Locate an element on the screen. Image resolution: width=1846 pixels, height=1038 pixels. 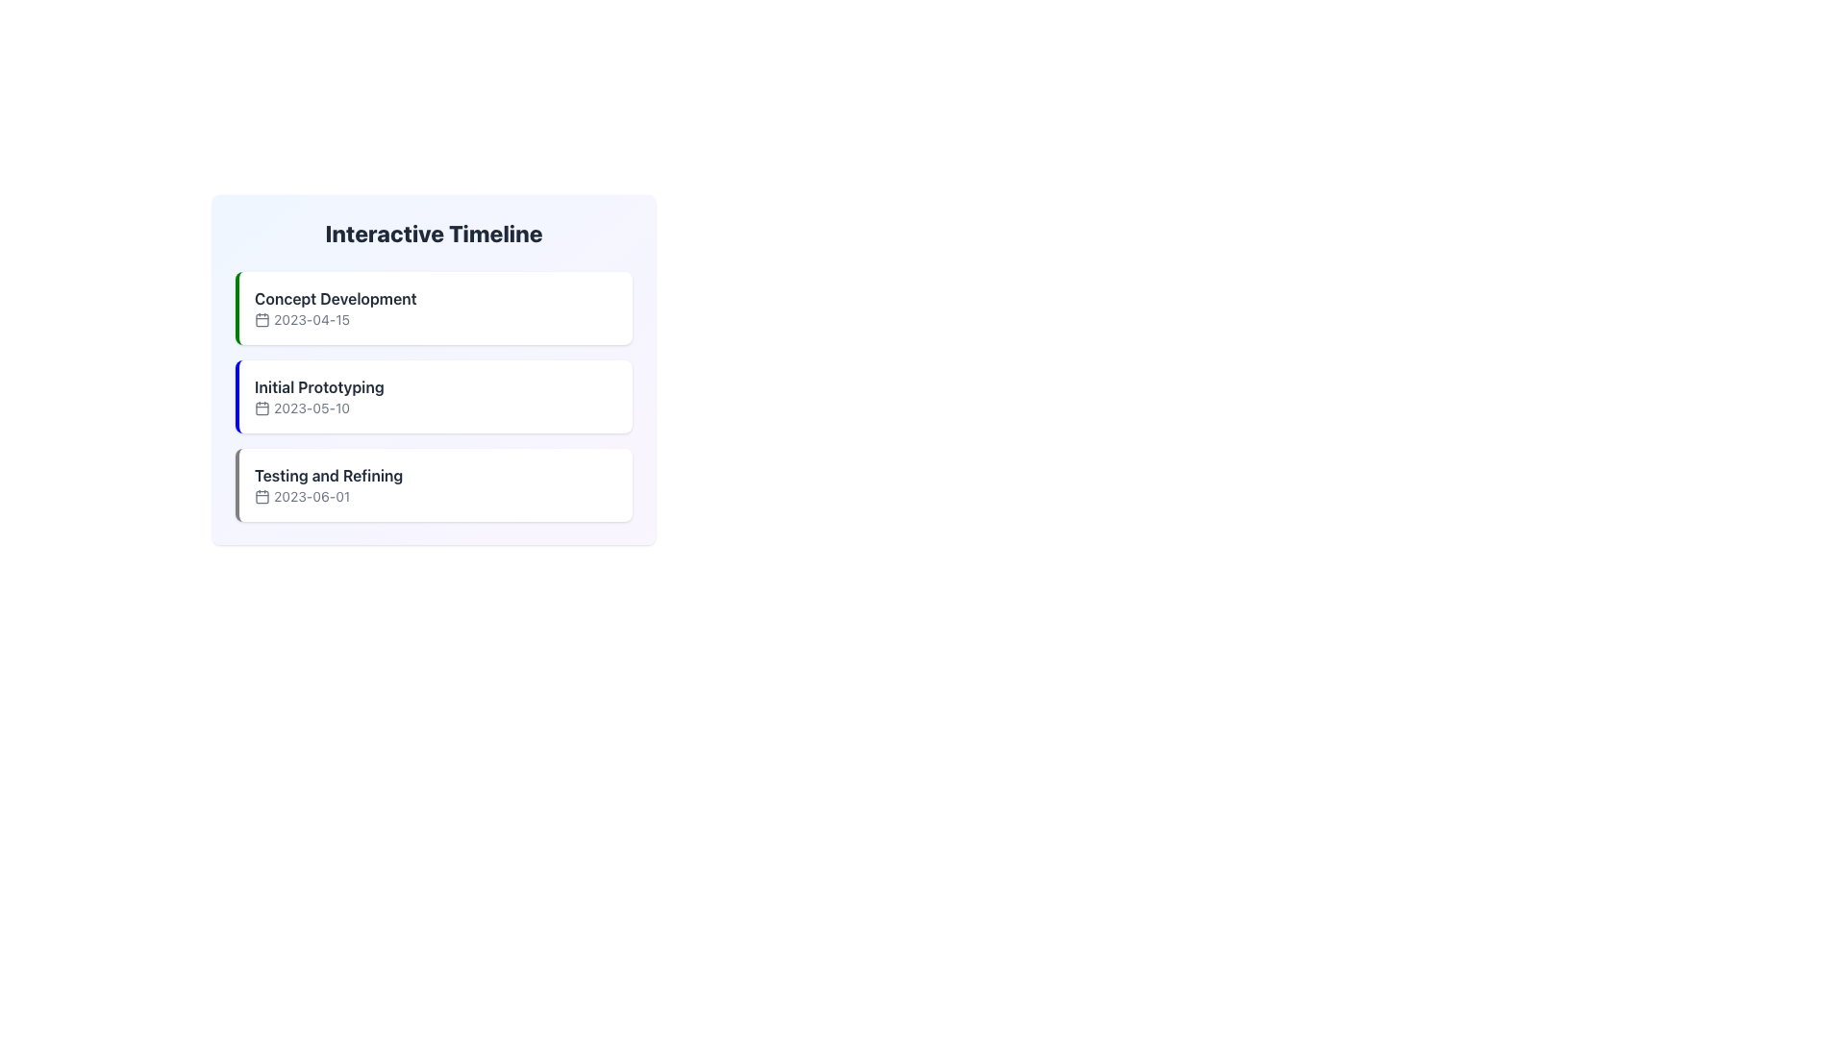
the non-interactive text label displaying the date '2023-05-10', which is accompanied by a calendar icon, located in the second row of the timeline interface under 'Initial Prototyping' is located at coordinates (319, 407).